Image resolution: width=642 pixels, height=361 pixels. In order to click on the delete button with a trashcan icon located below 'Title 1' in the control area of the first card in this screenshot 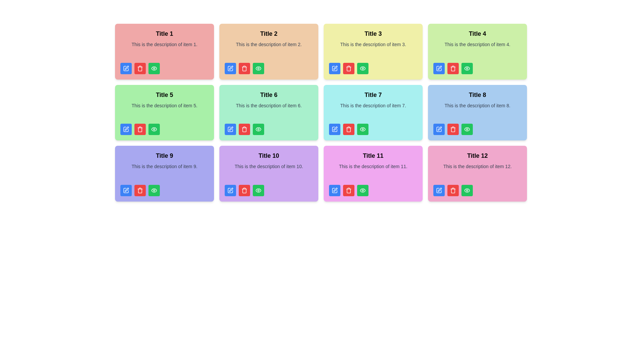, I will do `click(139, 68)`.